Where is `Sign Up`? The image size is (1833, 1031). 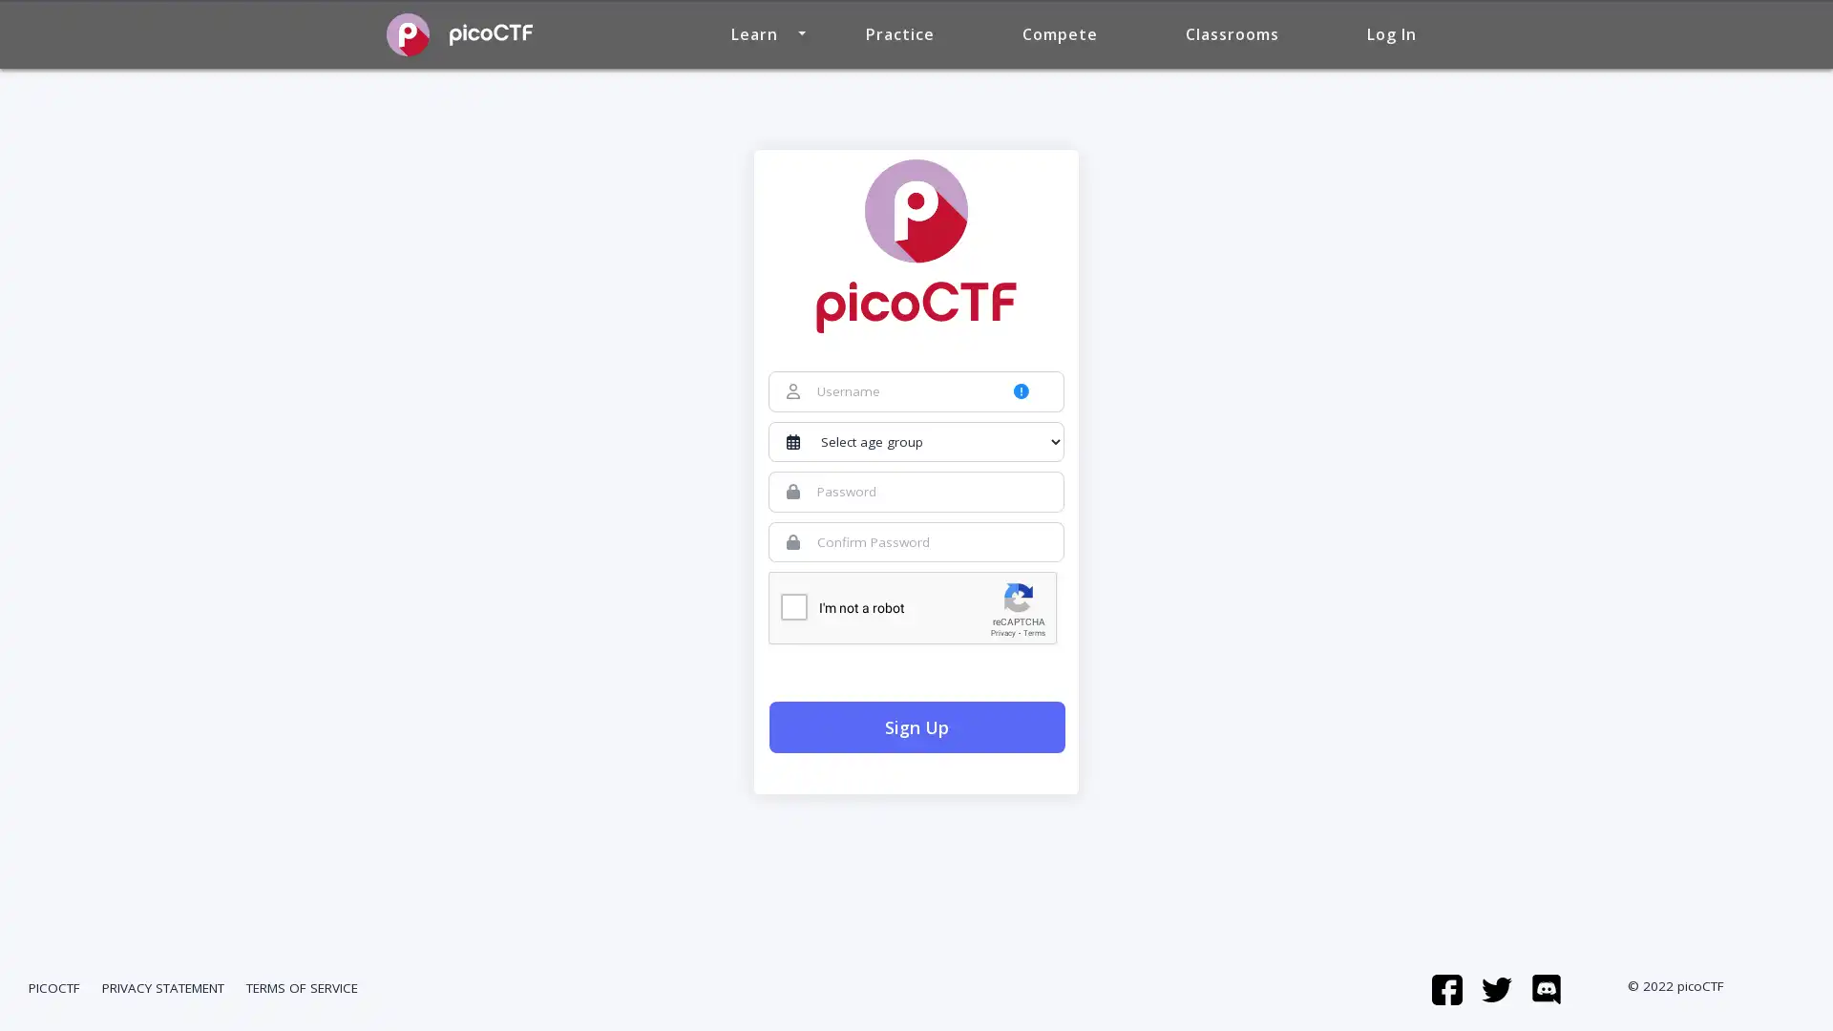
Sign Up is located at coordinates (916, 727).